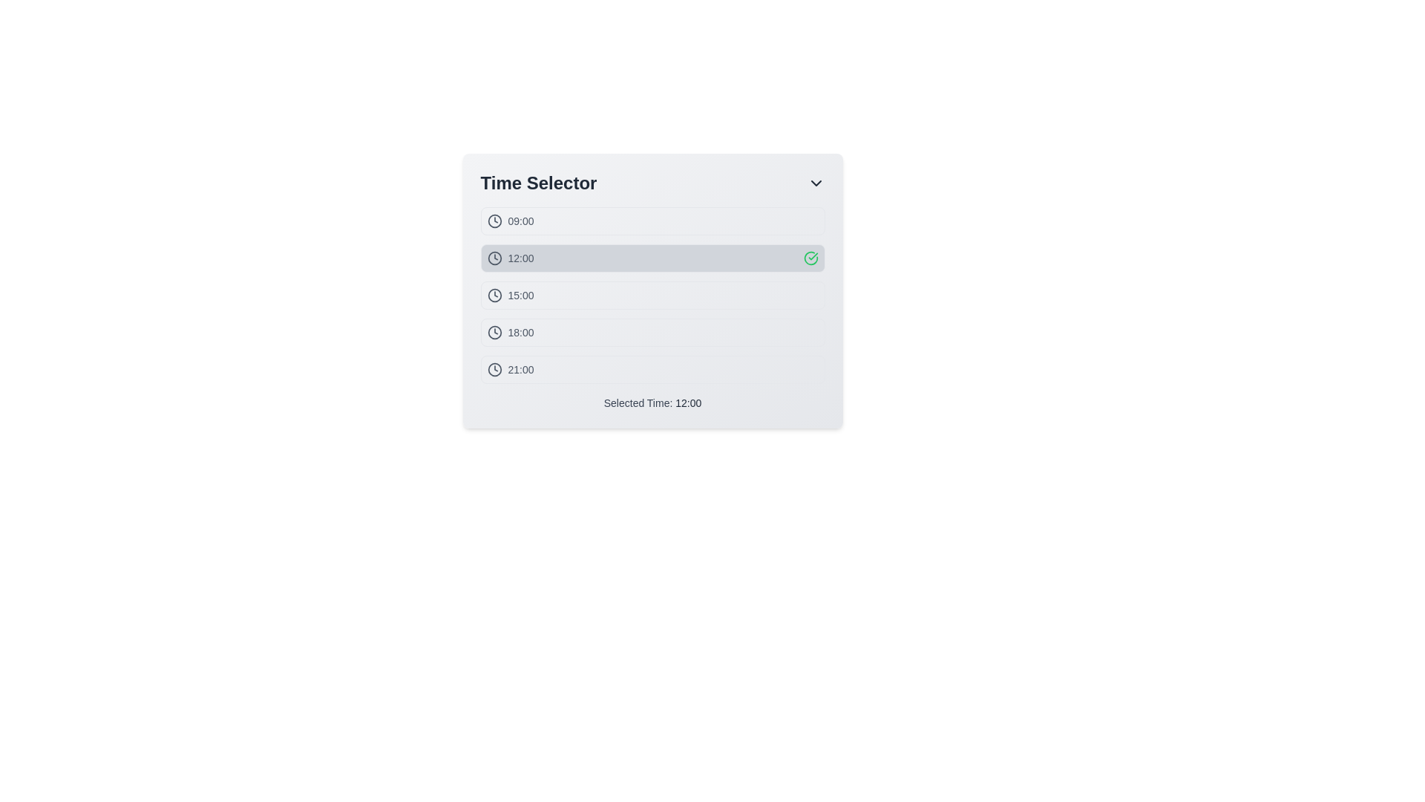  What do you see at coordinates (687, 403) in the screenshot?
I see `the text label displaying '12:00' in the time selection confirmation section, which is styled in dark gray and positioned within the 'Selected Time' indicator` at bounding box center [687, 403].